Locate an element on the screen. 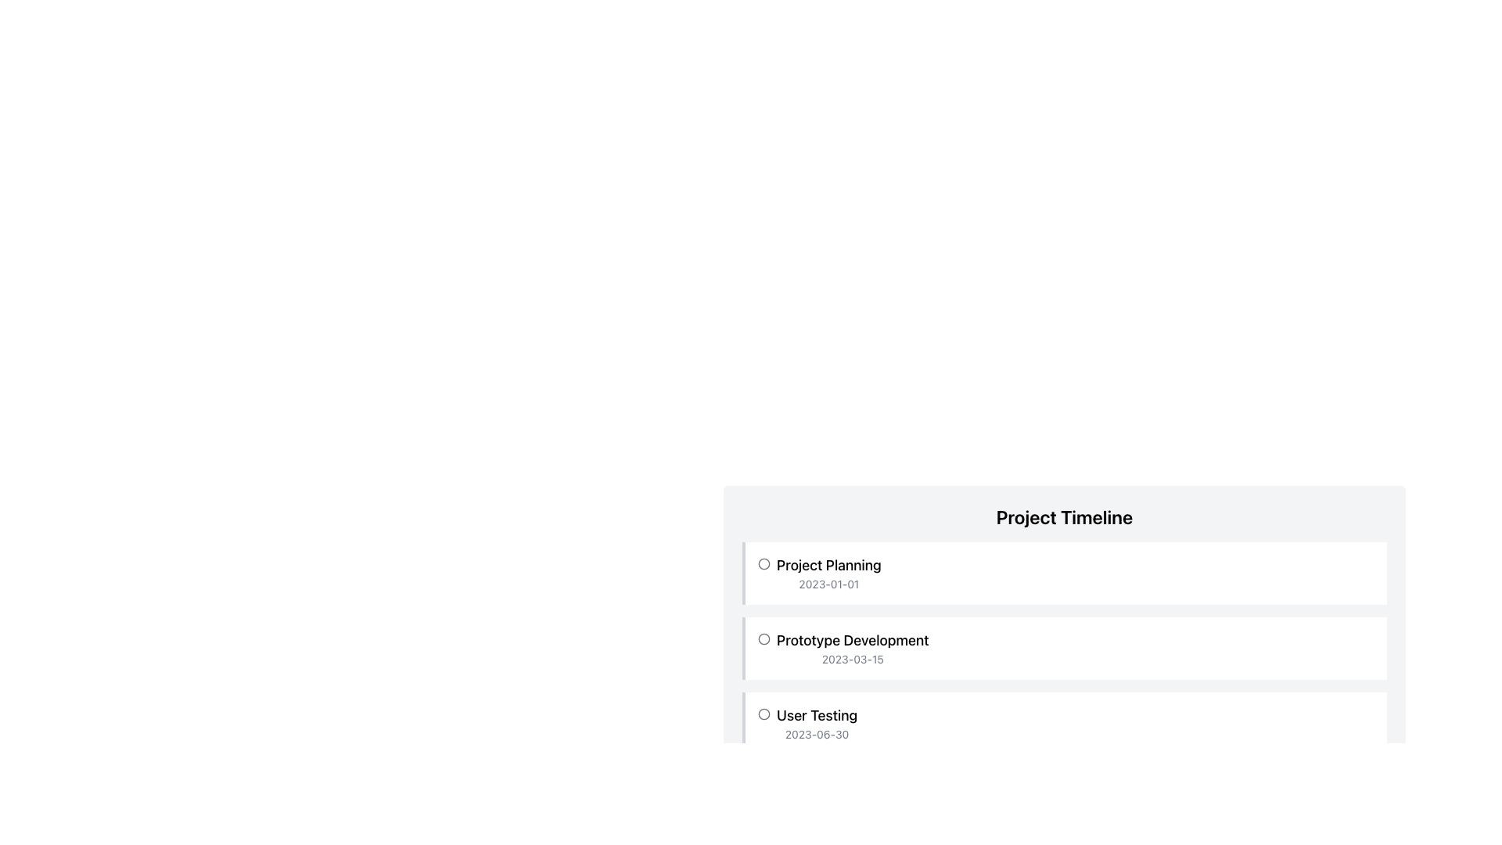 The width and height of the screenshot is (1502, 845). the small circular icon with a gray stroke, positioned to the left of the text 'Project Planning' in the 'Project Timeline' section is located at coordinates (764, 564).